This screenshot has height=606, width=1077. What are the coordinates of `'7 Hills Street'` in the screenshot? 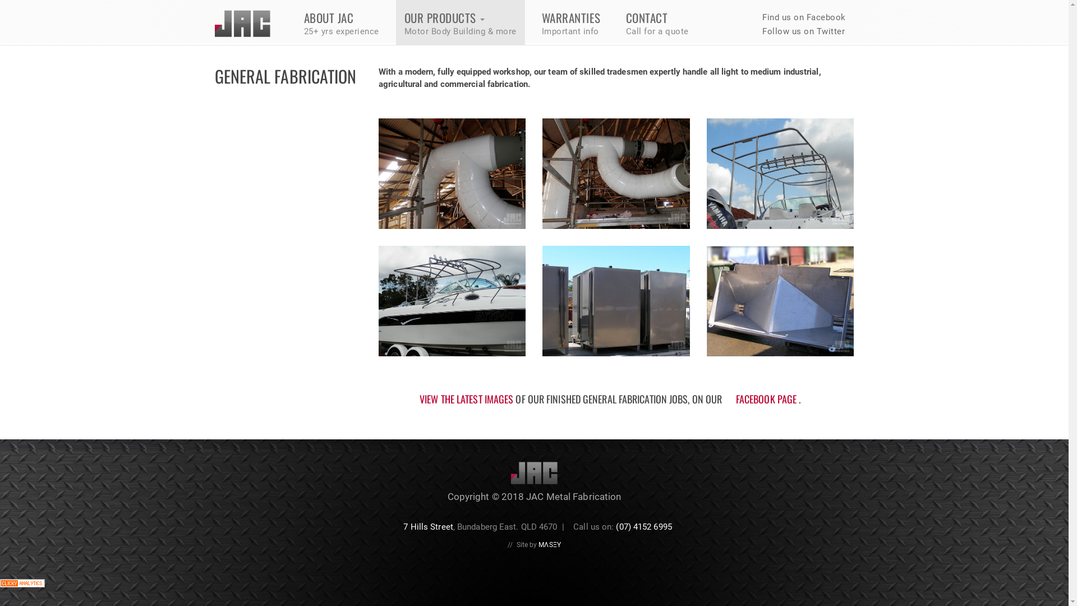 It's located at (427, 526).